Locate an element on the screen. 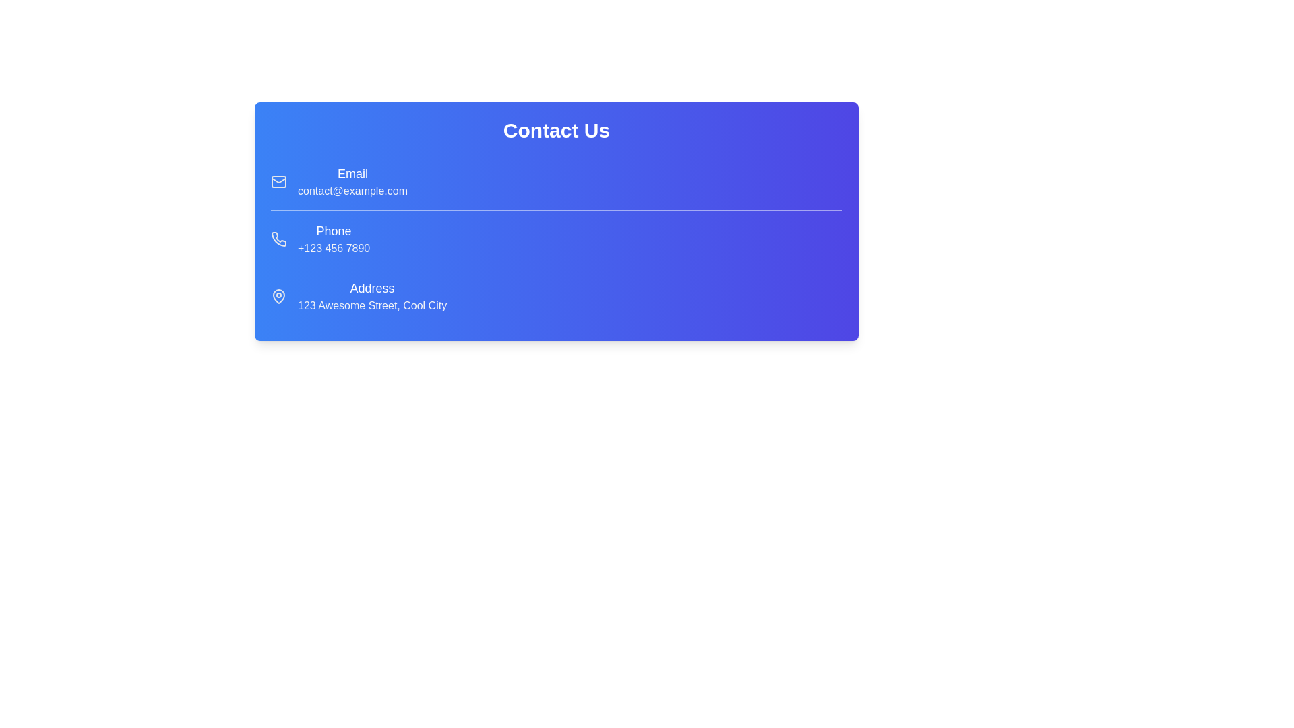  the map pin icon located next to the address '123 Awesome Street, Cool City', which is styled with a simple outline in a soft gray color and positioned in the third section of the card component is located at coordinates (278, 295).